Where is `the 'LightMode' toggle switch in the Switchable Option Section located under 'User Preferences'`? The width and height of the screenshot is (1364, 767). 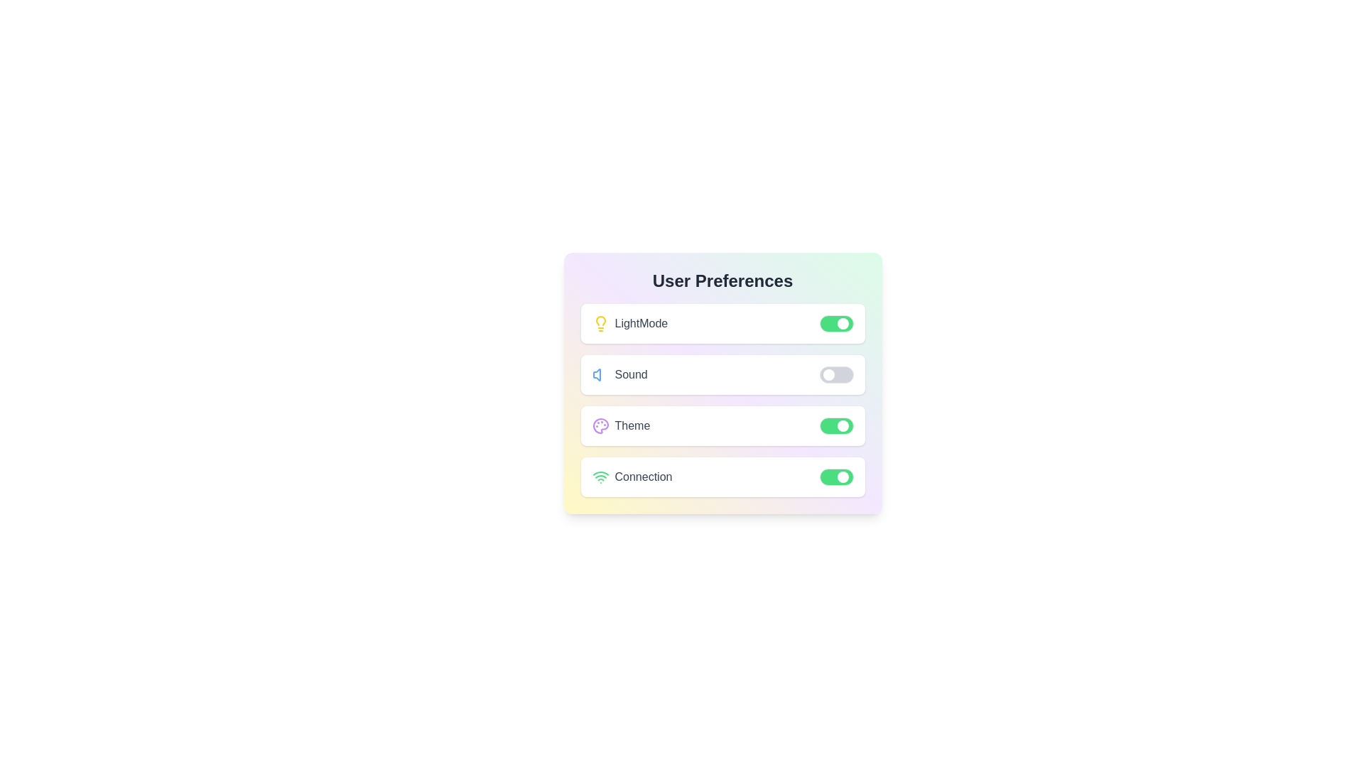
the 'LightMode' toggle switch in the Switchable Option Section located under 'User Preferences' is located at coordinates (722, 323).